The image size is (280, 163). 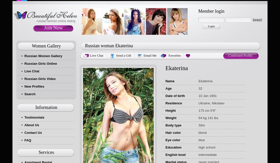 What do you see at coordinates (211, 11) in the screenshot?
I see `'Member login'` at bounding box center [211, 11].